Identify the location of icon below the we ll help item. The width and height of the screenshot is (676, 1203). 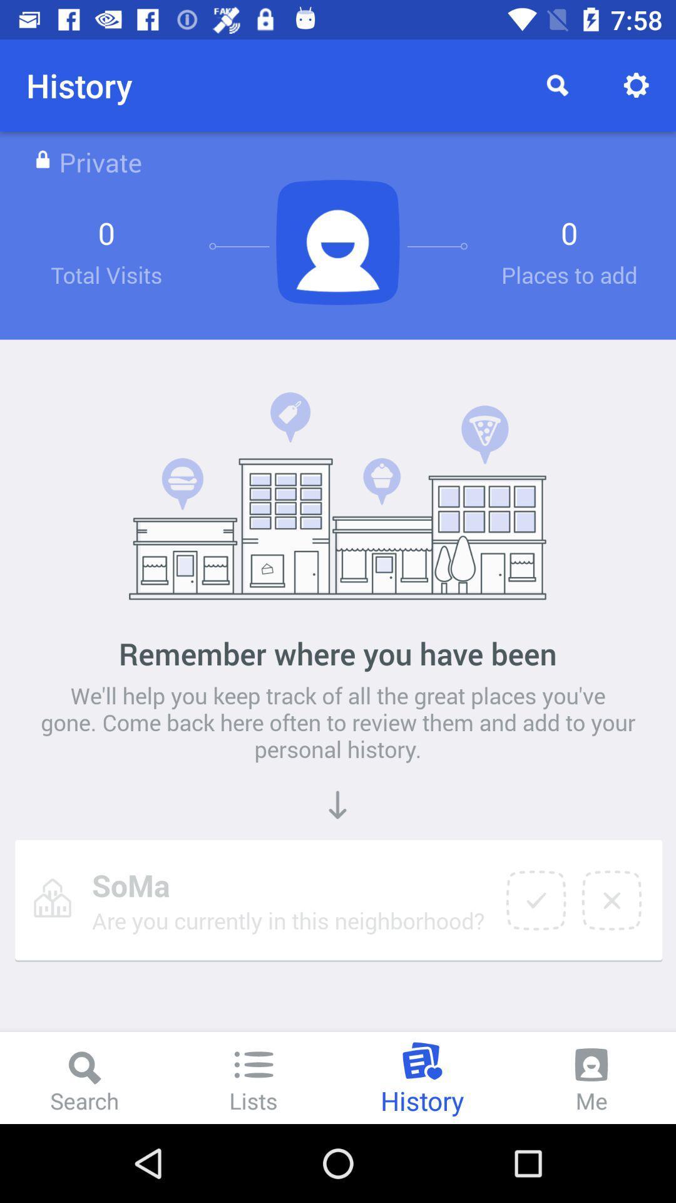
(535, 900).